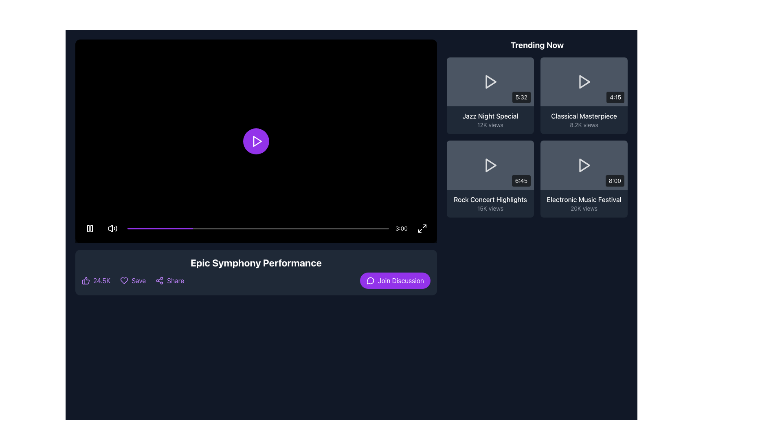 The width and height of the screenshot is (782, 440). I want to click on the play icon located in the lower-right section of the interface within the 'Trending Now' section to initiate playback of the associated video, so click(584, 165).